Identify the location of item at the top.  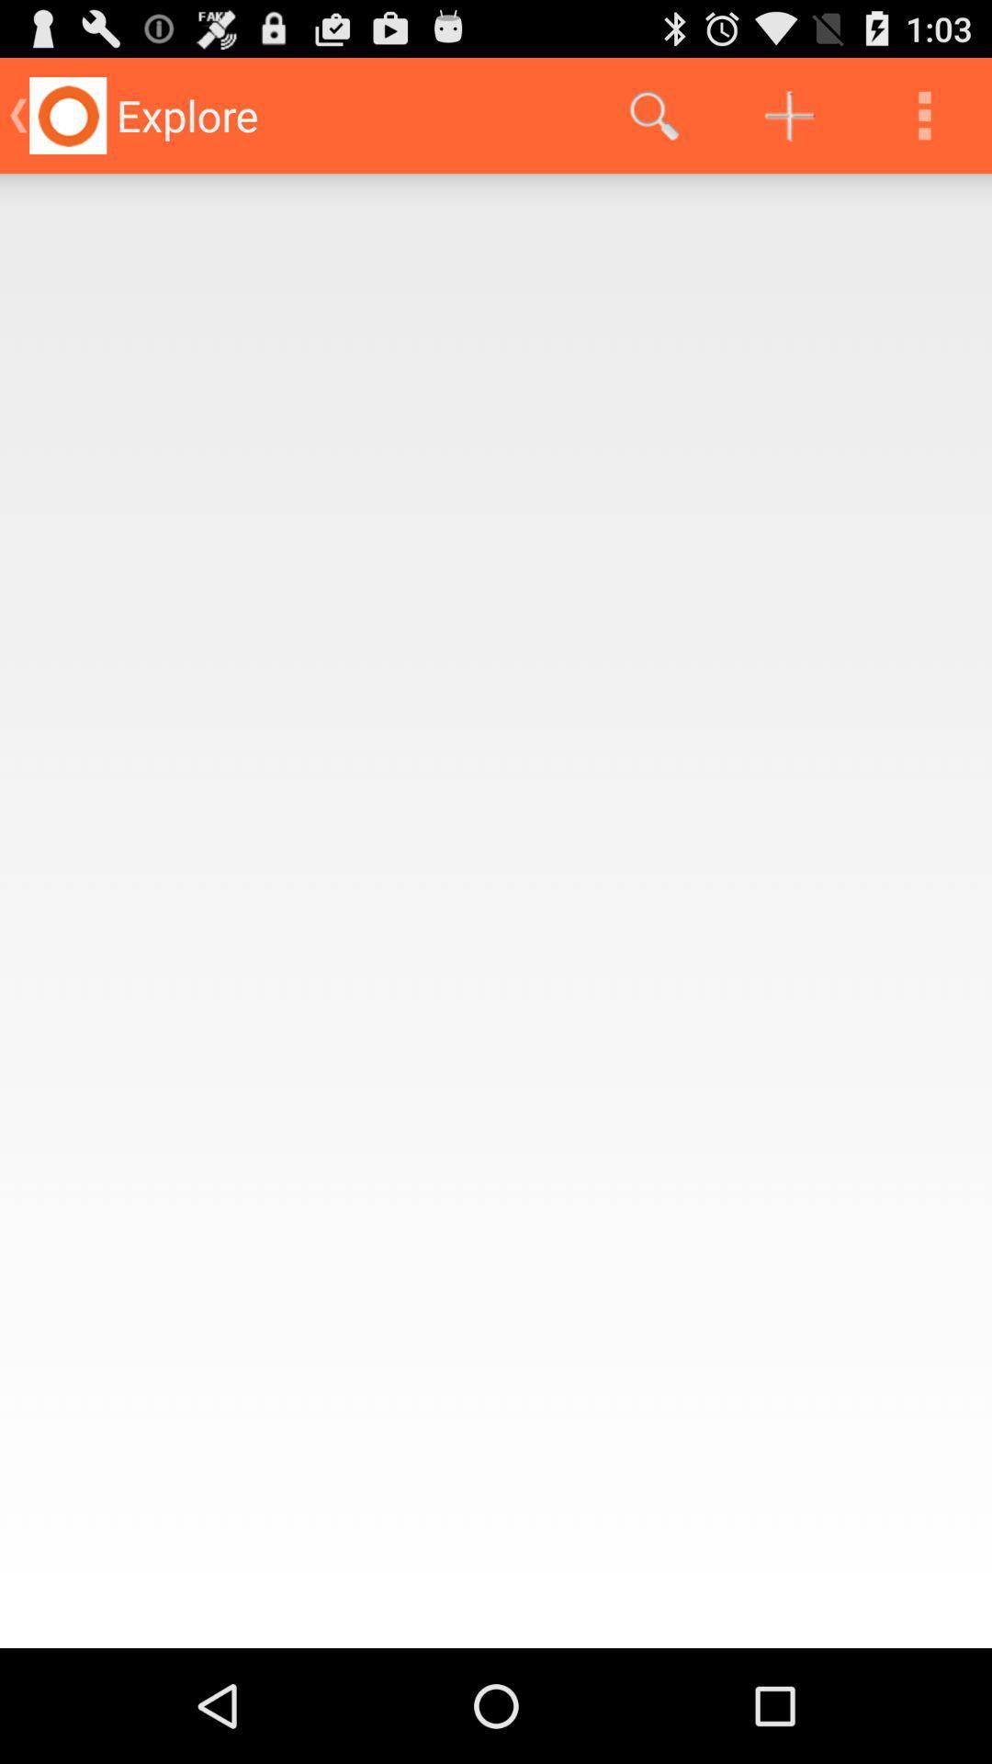
(653, 114).